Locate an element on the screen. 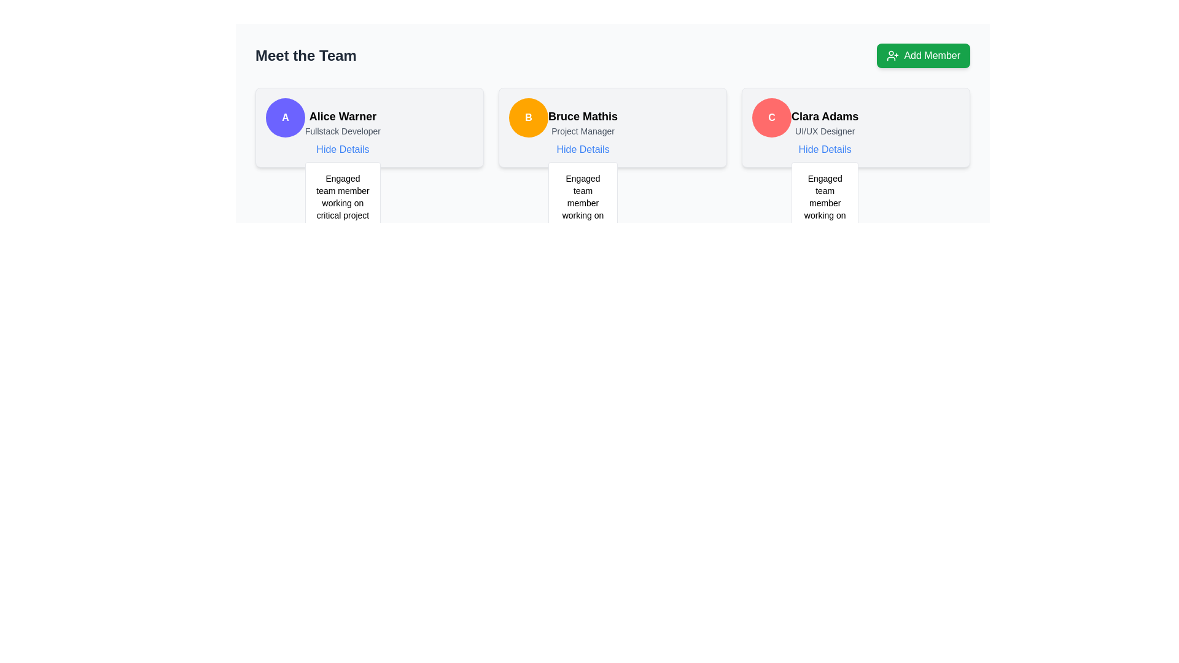 This screenshot has width=1179, height=663. the avatar icon representing 'Alice Warner', which displays her initials in a styled badge at the top-left corner of her card is located at coordinates (285, 118).